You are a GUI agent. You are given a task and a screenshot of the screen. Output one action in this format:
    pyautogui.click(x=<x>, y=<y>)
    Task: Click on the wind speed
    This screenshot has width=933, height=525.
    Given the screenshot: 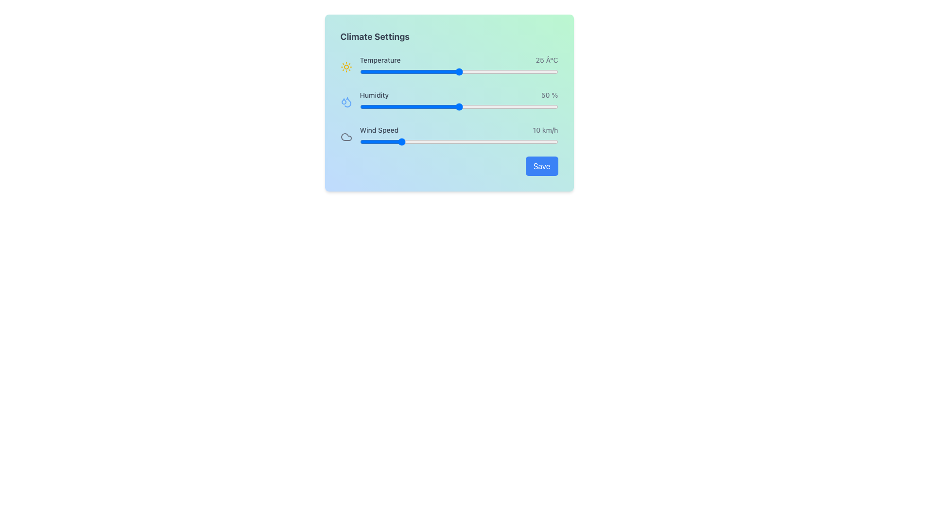 What is the action you would take?
    pyautogui.click(x=502, y=142)
    